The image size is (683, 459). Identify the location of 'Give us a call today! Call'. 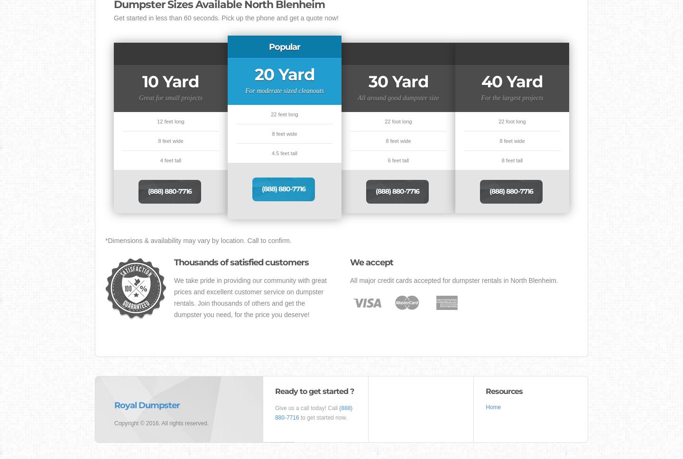
(306, 407).